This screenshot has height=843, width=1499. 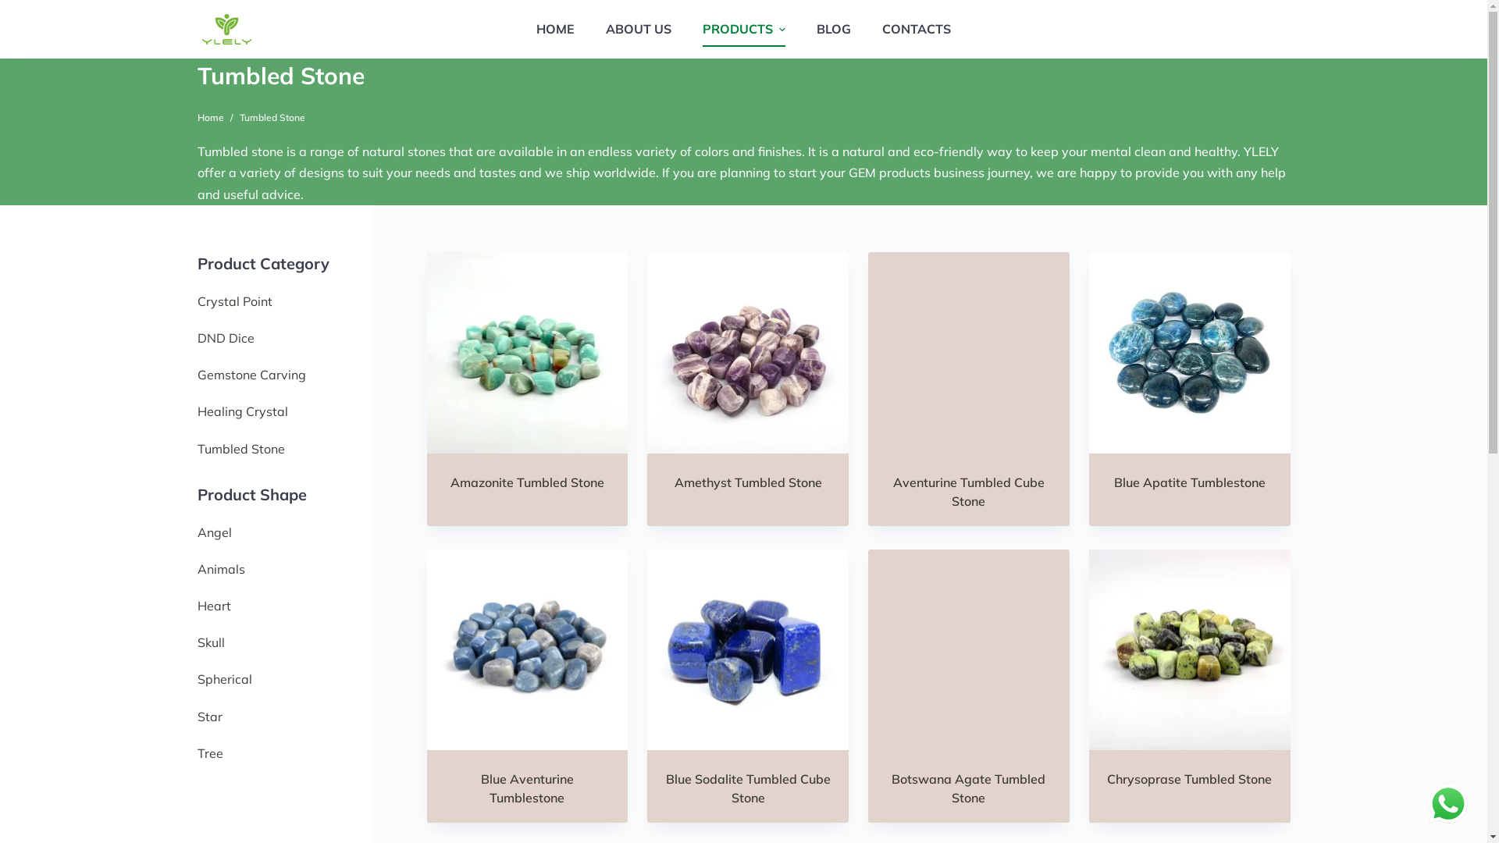 I want to click on 'BLOG', so click(x=833, y=29).